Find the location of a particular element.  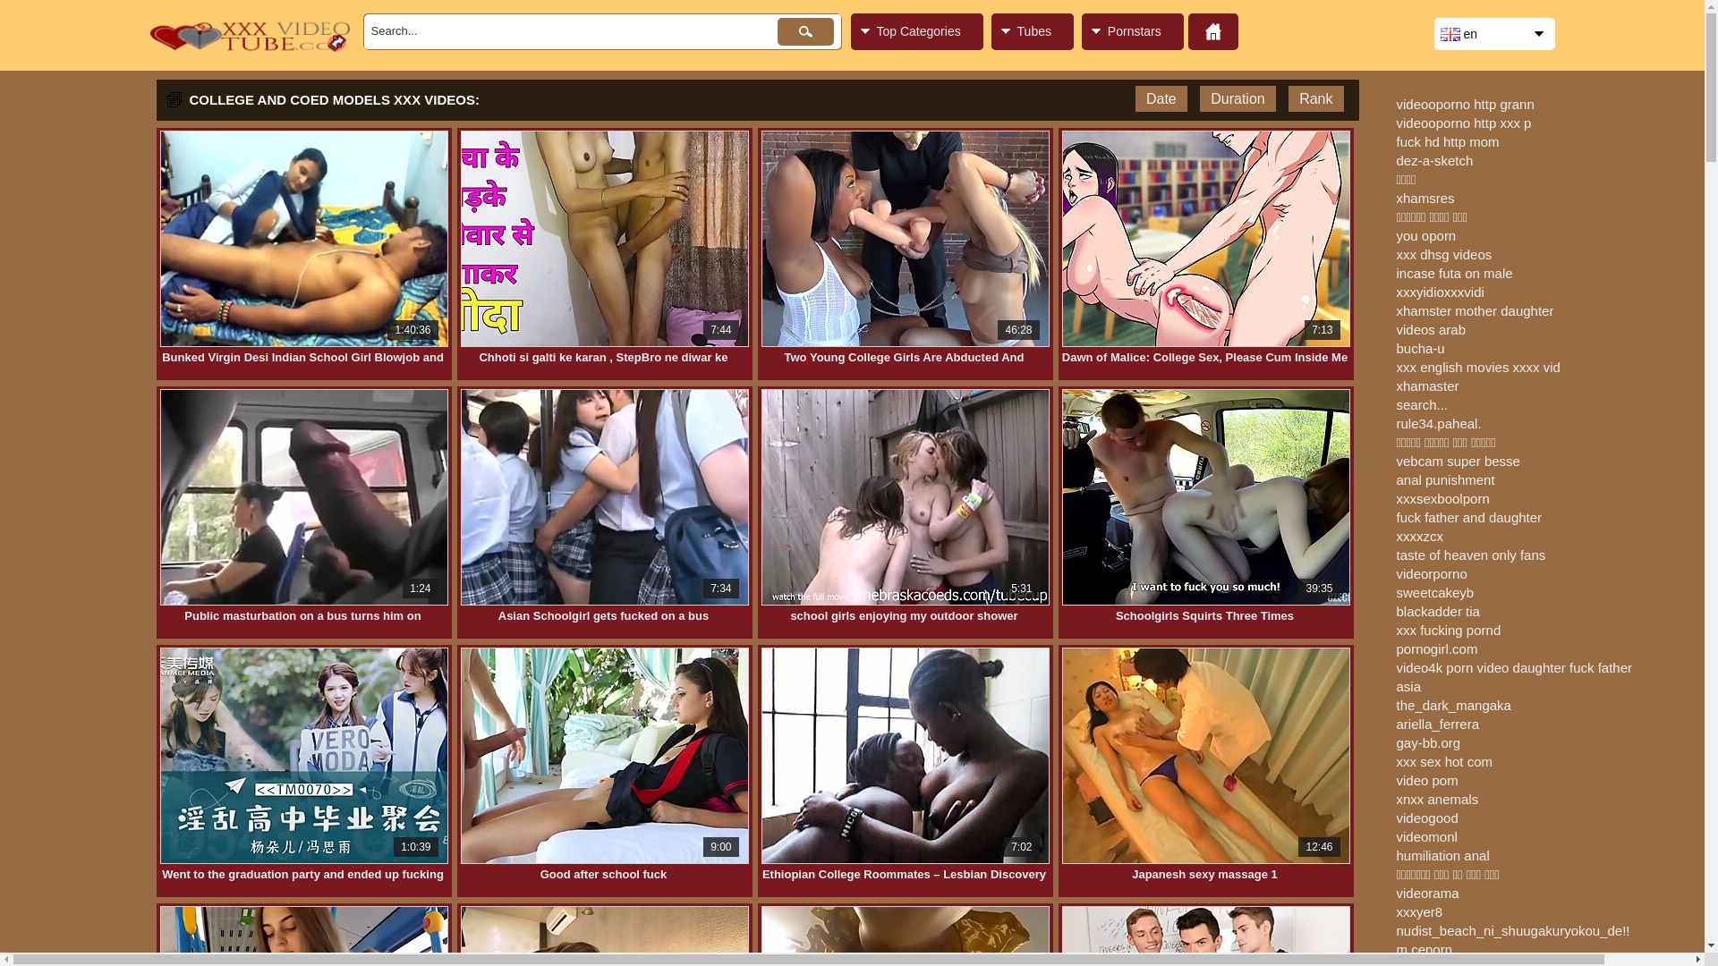

'videorama' is located at coordinates (1425, 893).